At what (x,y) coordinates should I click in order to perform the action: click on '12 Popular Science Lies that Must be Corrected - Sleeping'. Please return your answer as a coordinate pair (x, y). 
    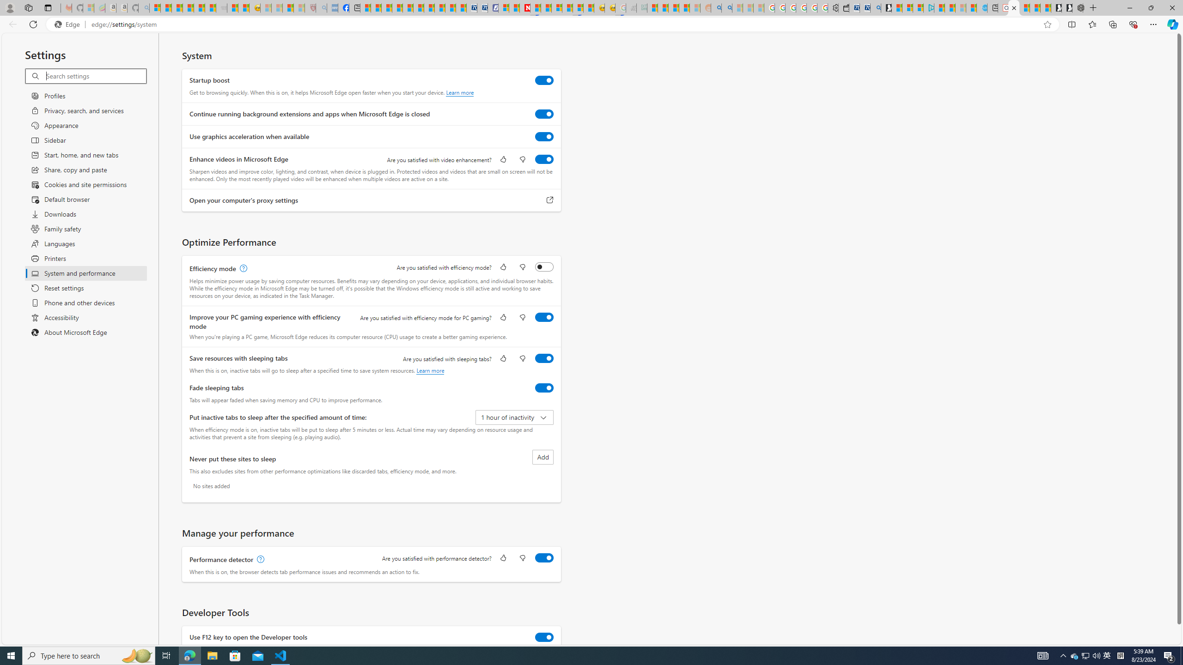
    Looking at the image, I should click on (299, 7).